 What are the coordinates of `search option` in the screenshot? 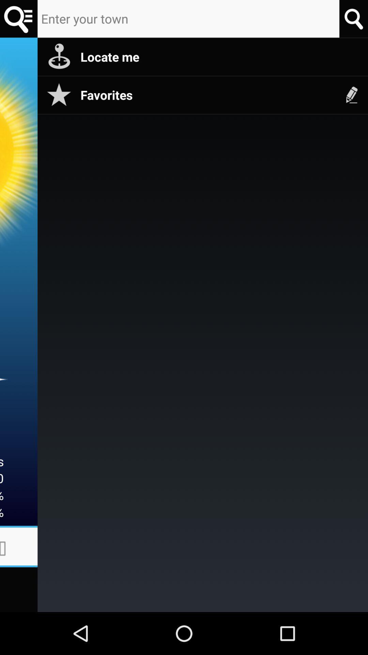 It's located at (353, 18).